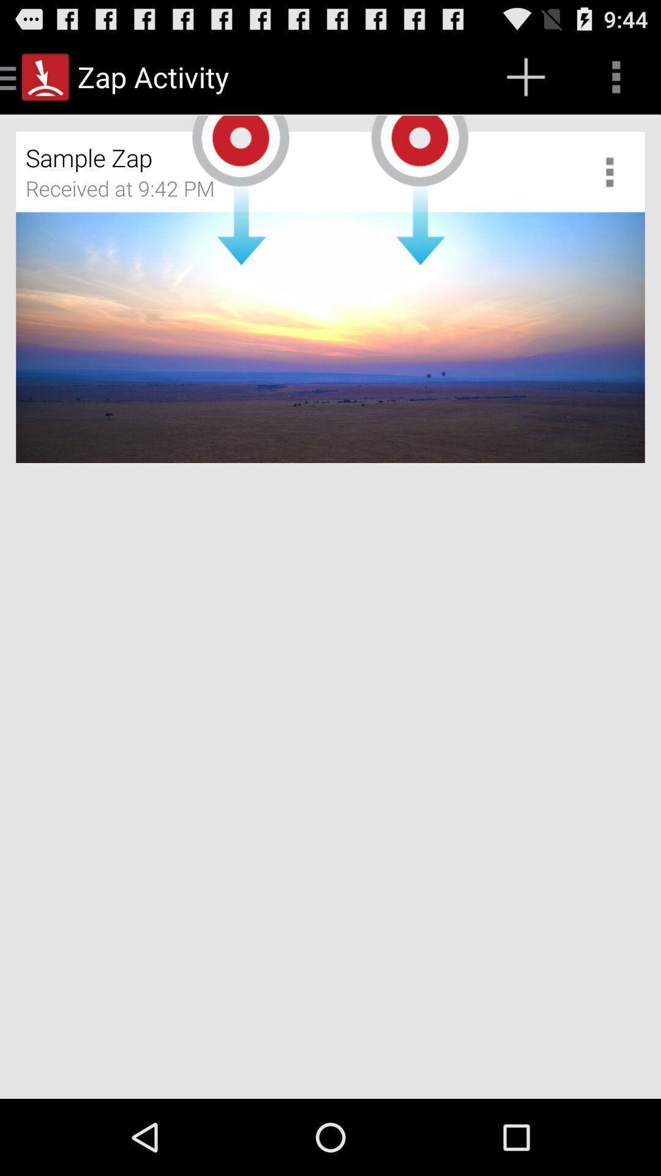 The image size is (661, 1176). Describe the element at coordinates (330, 337) in the screenshot. I see `the item below received at 9 icon` at that location.